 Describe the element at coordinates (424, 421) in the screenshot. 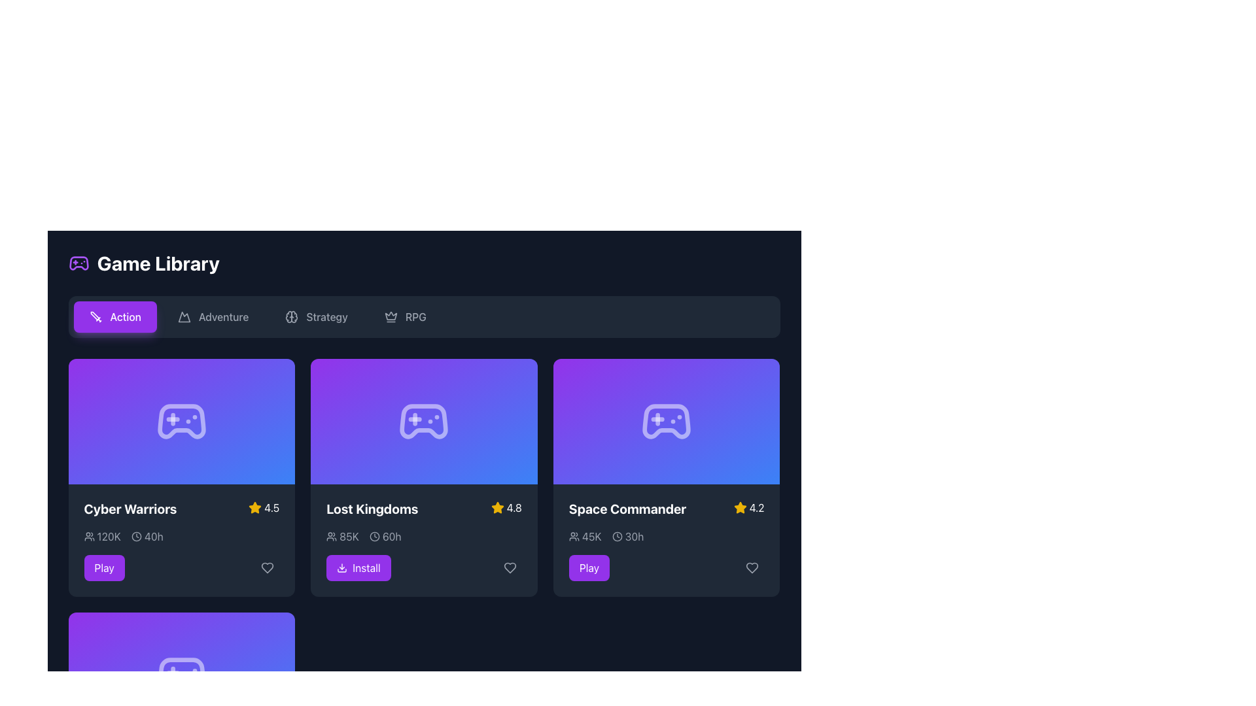

I see `the icon representing the game 'Lost Kingdoms', which is centrally placed within the second card of the upper row in the game library grid` at that location.